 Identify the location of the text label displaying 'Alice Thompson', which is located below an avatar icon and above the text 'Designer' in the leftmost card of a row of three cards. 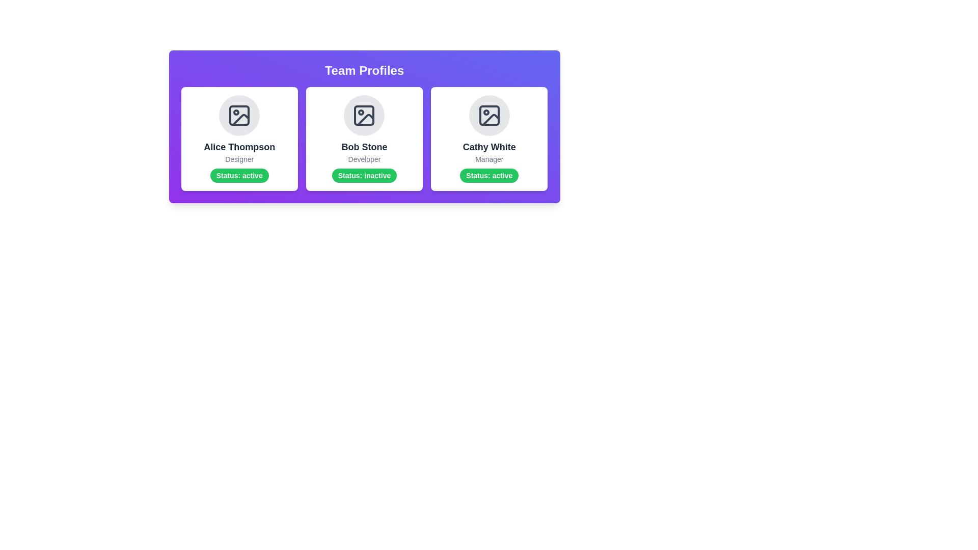
(239, 147).